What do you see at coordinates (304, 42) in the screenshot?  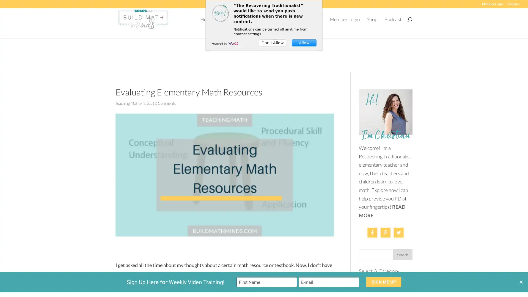 I see `Allow` at bounding box center [304, 42].